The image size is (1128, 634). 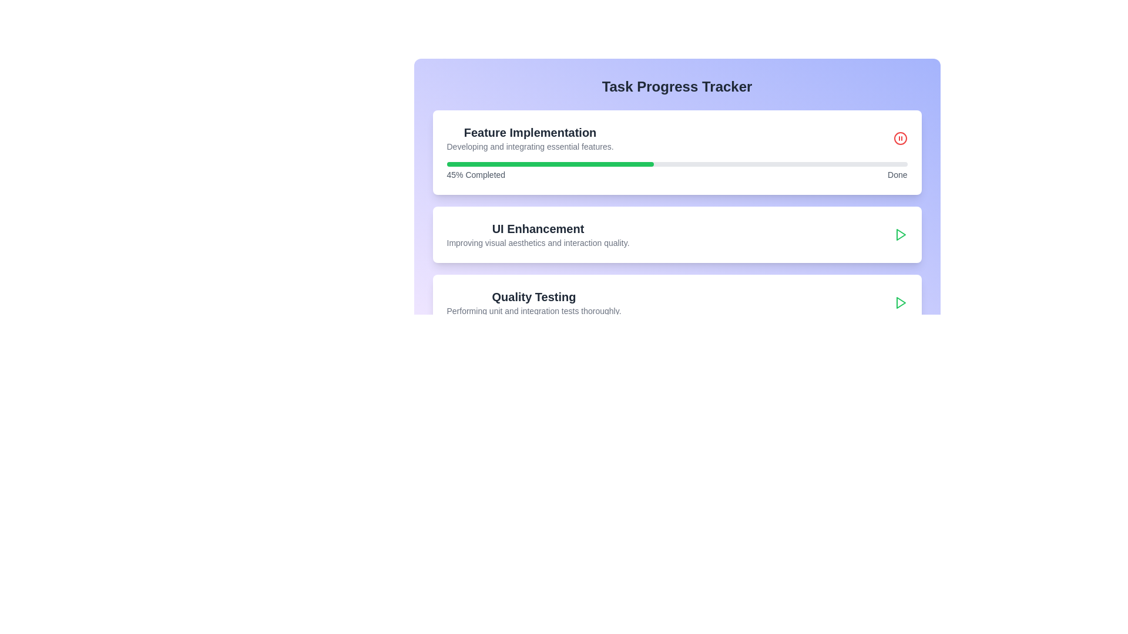 I want to click on the bold, large text label reading 'Feature Implementation' located at the top-left part of the task card, which is centrally aligned on the page, so click(x=529, y=132).